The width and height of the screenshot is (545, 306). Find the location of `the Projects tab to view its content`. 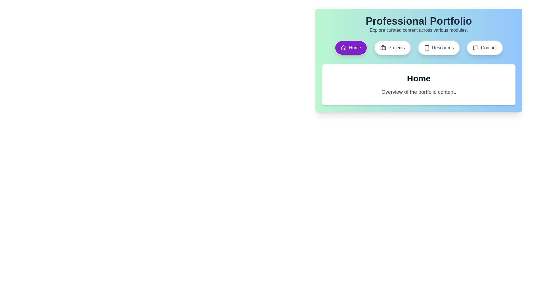

the Projects tab to view its content is located at coordinates (392, 48).